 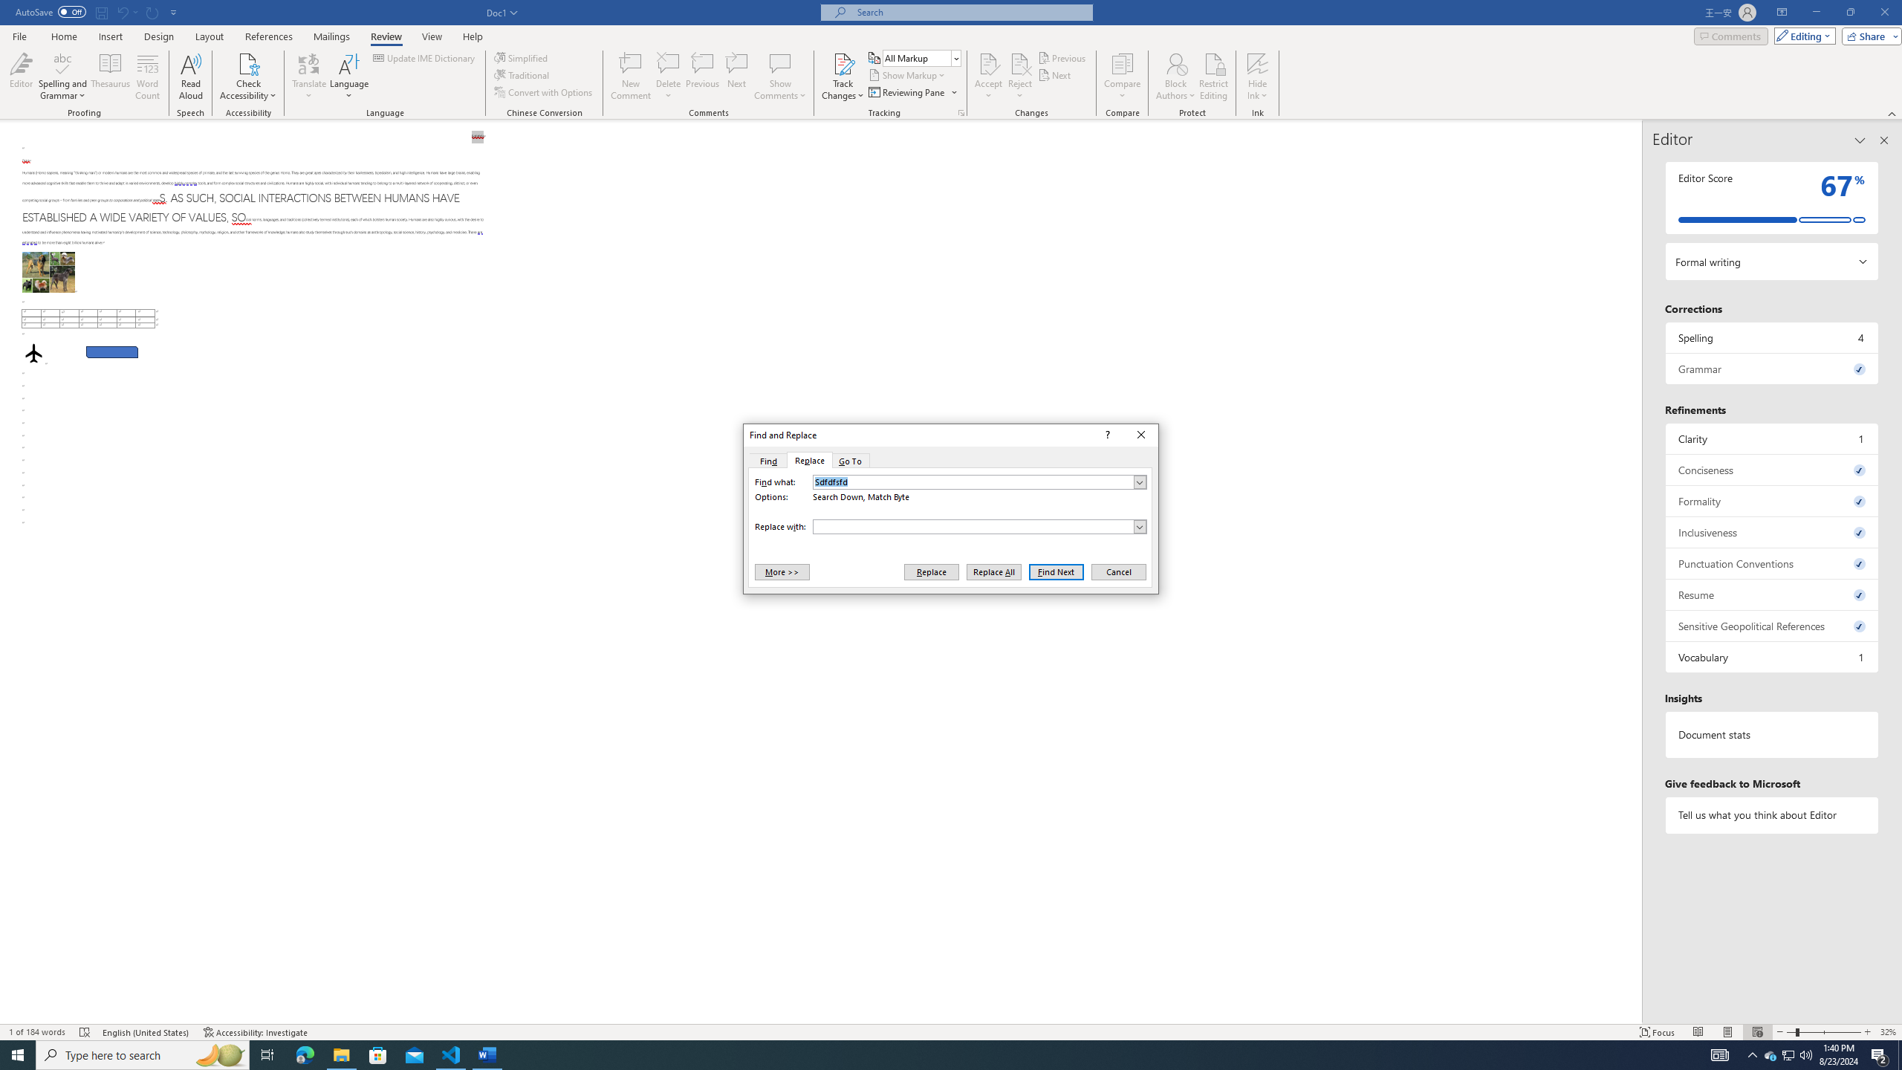 I want to click on 'Hide Ink', so click(x=1257, y=77).